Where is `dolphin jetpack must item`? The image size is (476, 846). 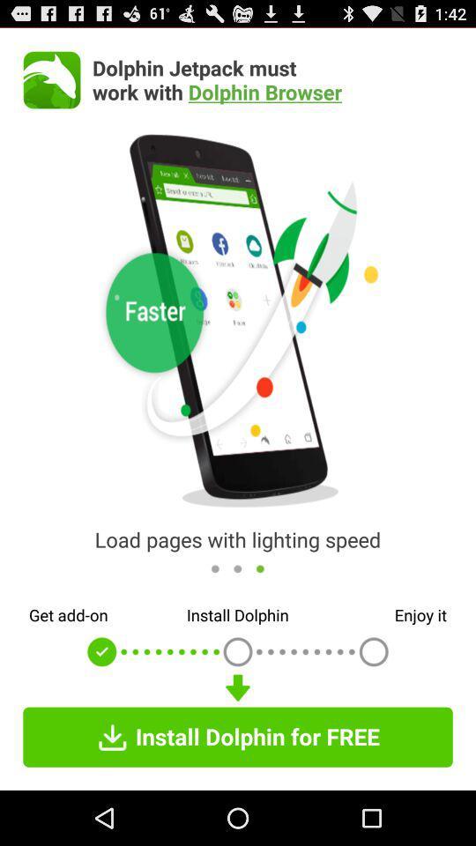 dolphin jetpack must item is located at coordinates (272, 79).